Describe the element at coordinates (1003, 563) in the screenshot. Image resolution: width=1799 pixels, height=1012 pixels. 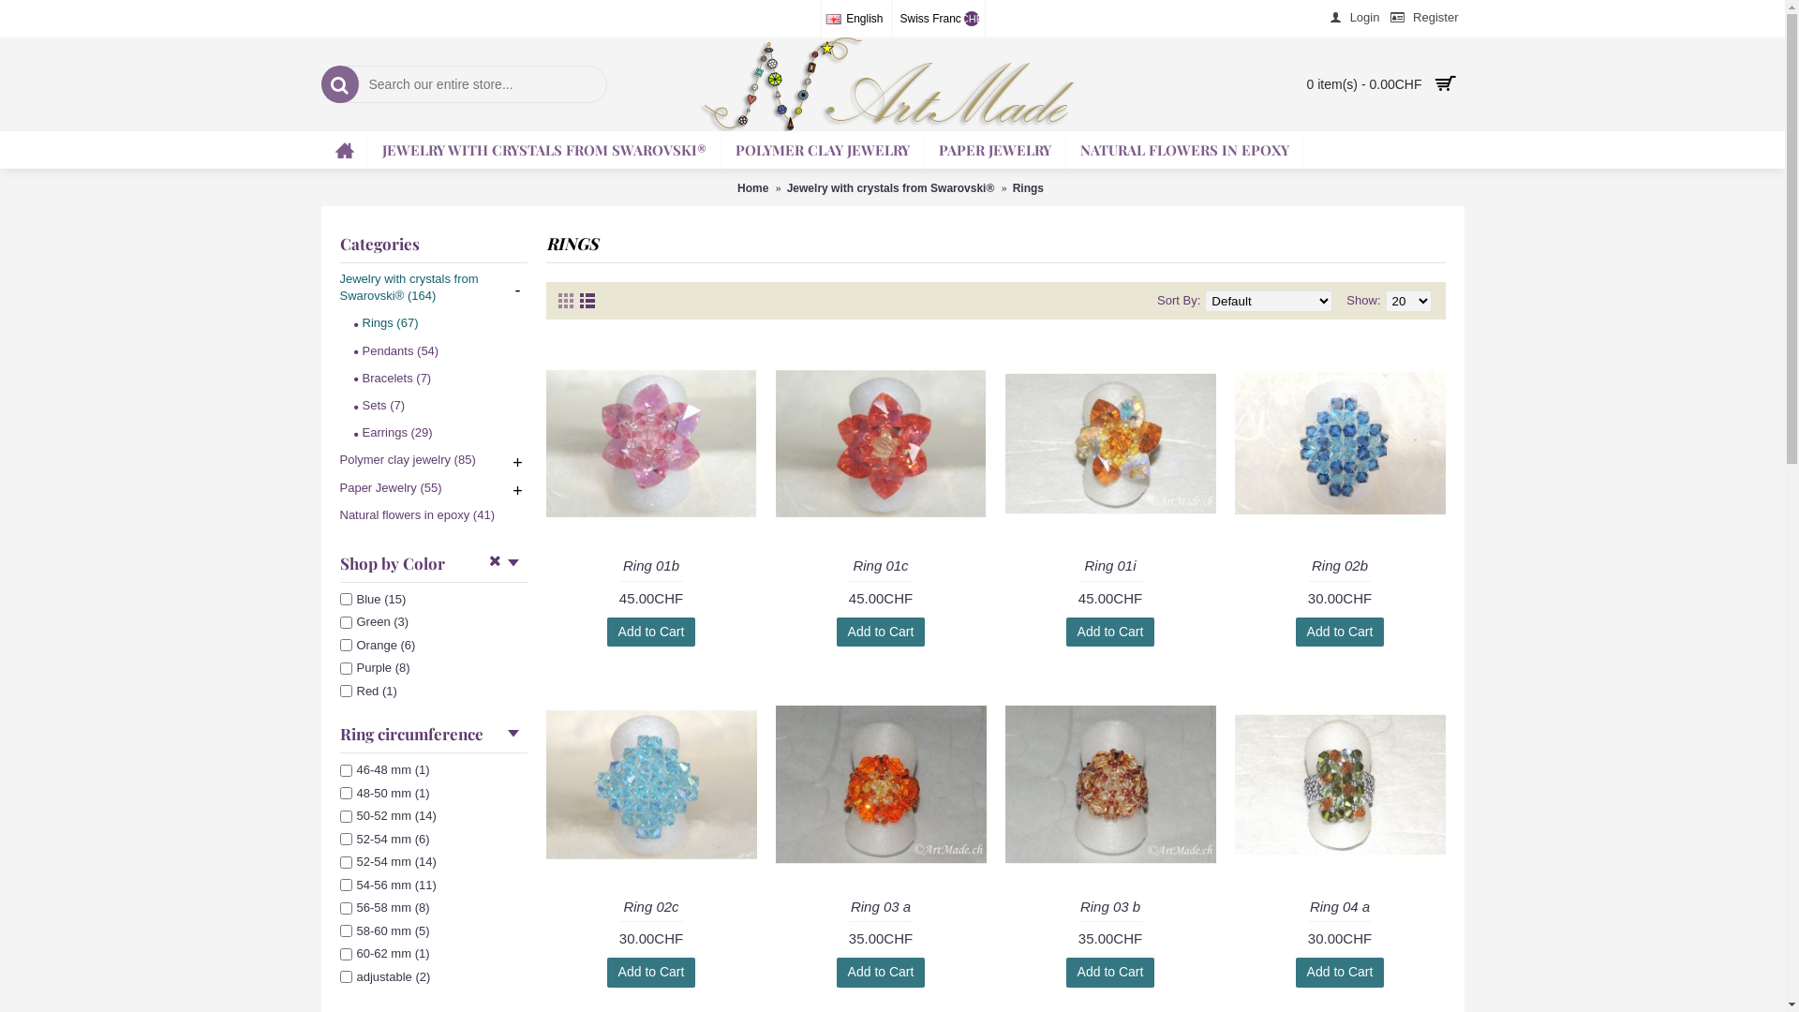
I see `'Ring 01i'` at that location.